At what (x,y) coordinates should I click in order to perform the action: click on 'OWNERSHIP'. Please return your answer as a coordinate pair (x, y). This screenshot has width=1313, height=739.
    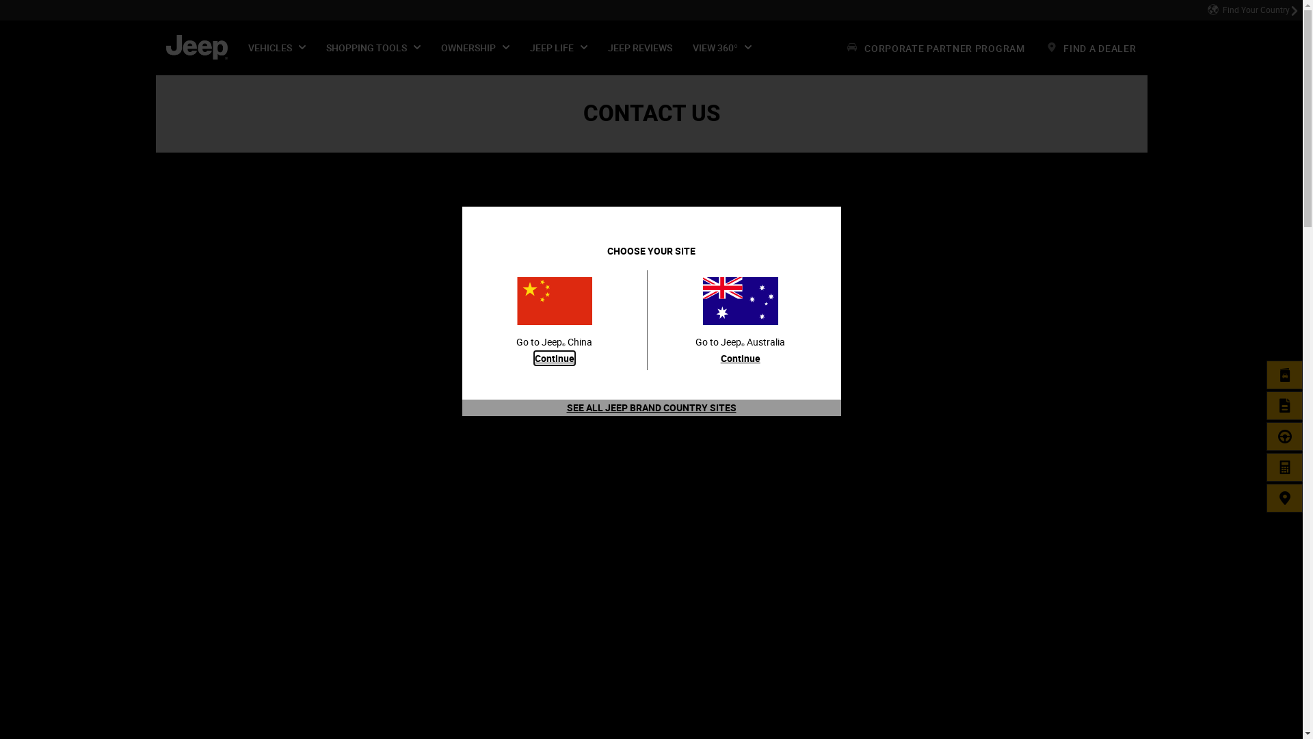
    Looking at the image, I should click on (475, 47).